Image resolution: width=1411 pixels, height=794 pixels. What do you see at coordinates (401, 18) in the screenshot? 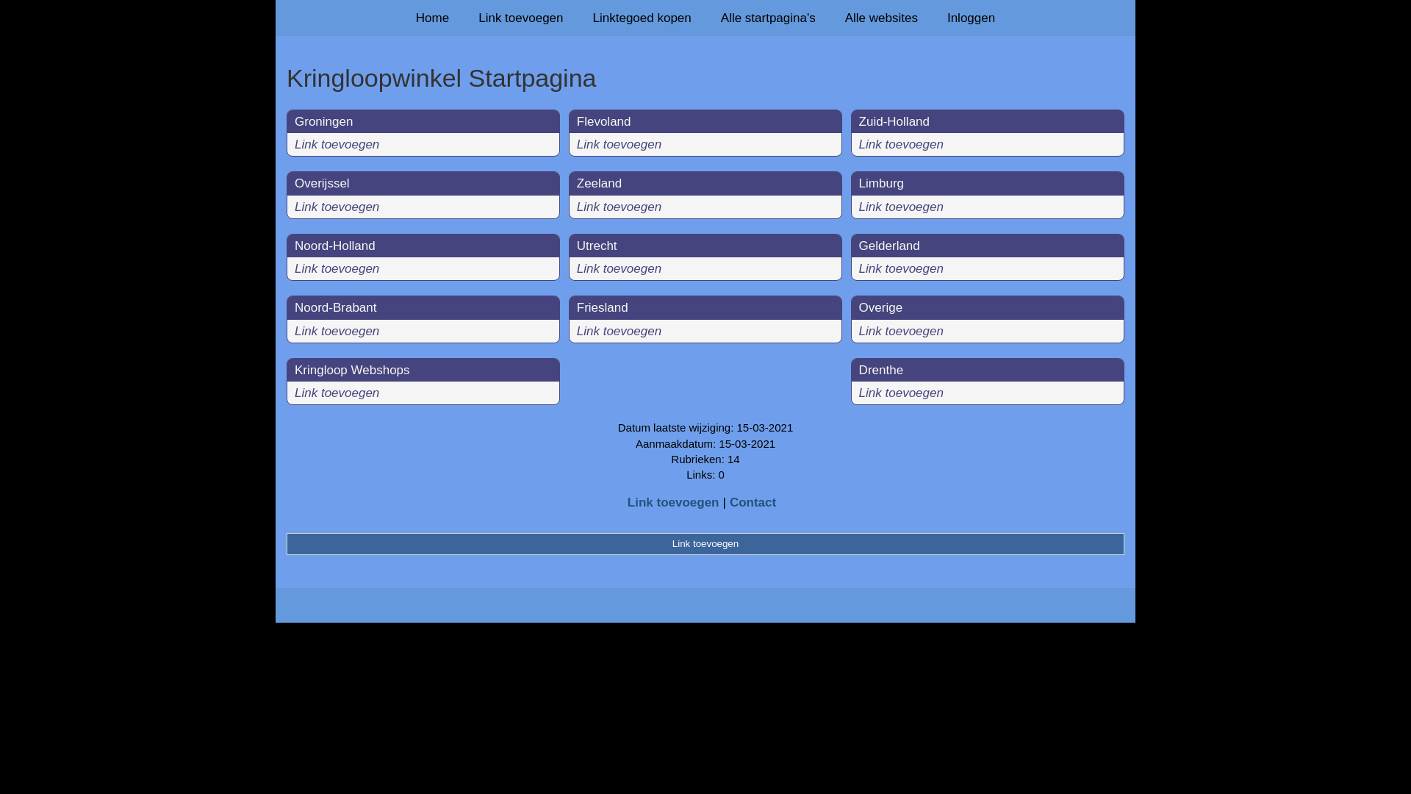
I see `'Home'` at bounding box center [401, 18].